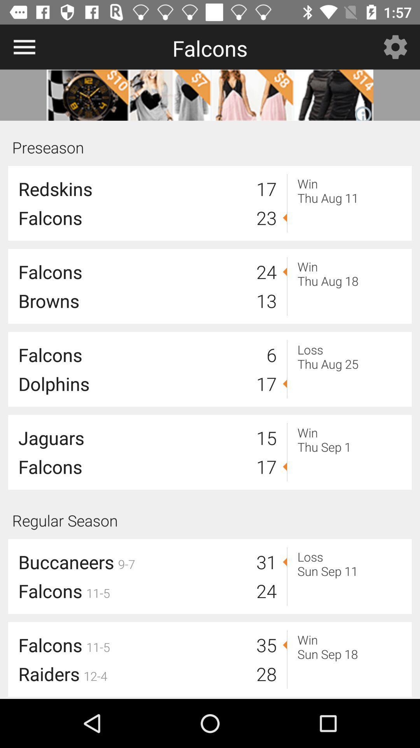 The image size is (420, 748). Describe the element at coordinates (210, 95) in the screenshot. I see `advertisement` at that location.